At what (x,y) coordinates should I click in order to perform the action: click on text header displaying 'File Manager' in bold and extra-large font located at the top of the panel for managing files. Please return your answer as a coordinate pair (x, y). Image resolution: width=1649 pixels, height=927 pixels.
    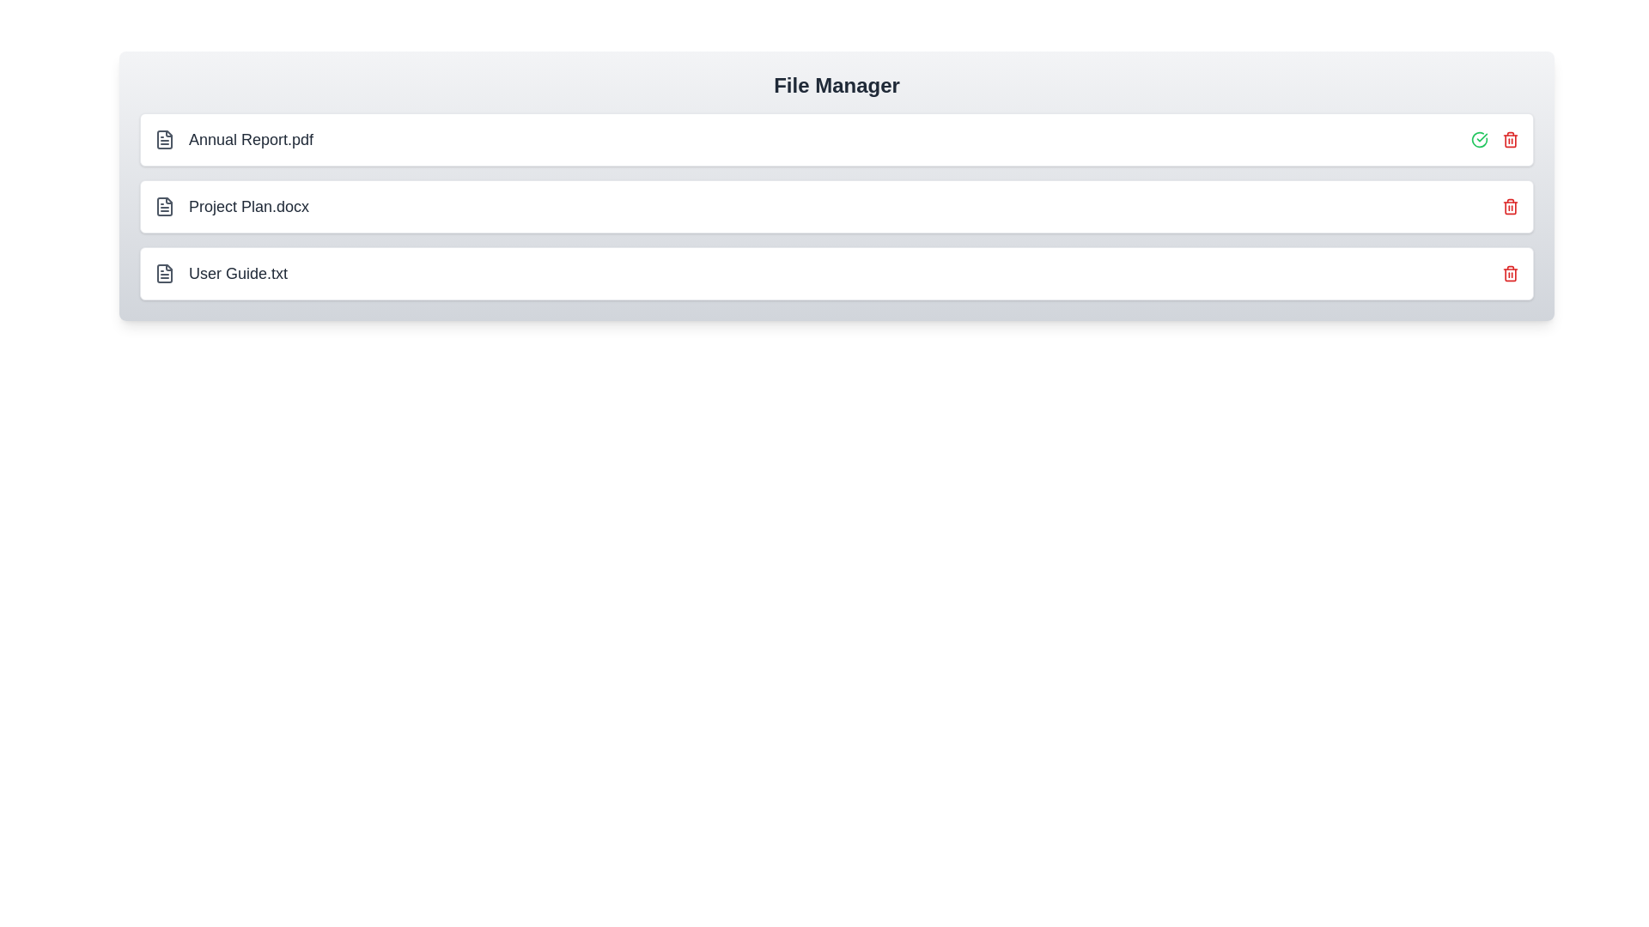
    Looking at the image, I should click on (837, 86).